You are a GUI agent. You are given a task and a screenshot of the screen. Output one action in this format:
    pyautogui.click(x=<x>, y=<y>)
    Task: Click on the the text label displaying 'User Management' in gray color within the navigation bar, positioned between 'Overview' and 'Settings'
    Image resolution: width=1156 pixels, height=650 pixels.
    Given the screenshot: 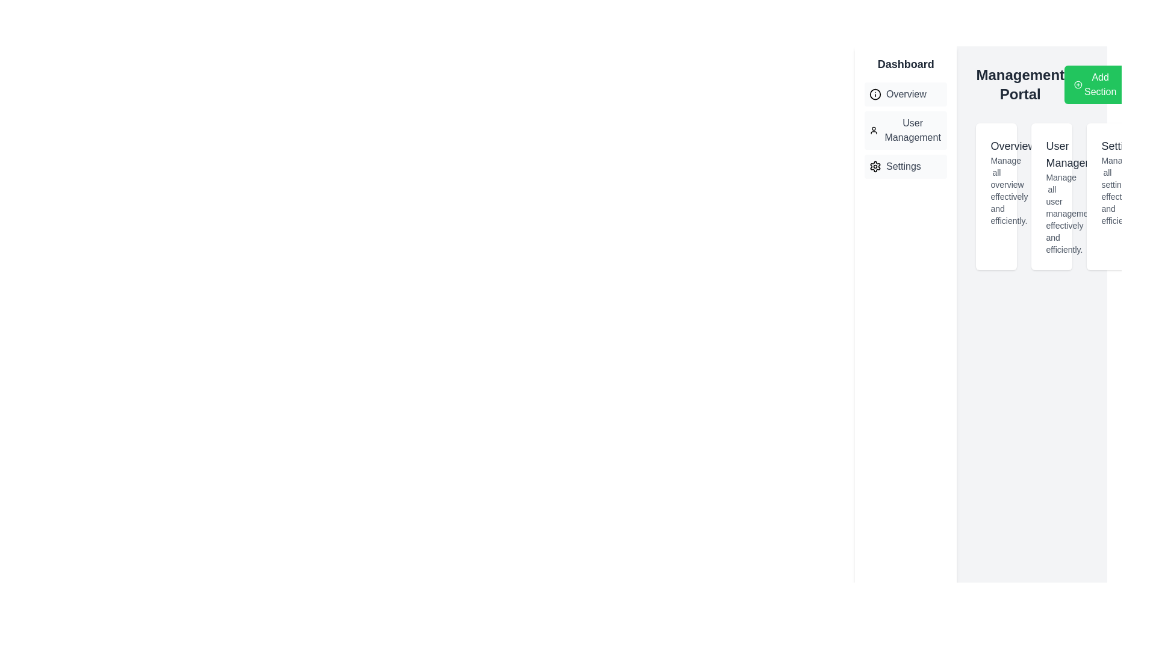 What is the action you would take?
    pyautogui.click(x=913, y=130)
    